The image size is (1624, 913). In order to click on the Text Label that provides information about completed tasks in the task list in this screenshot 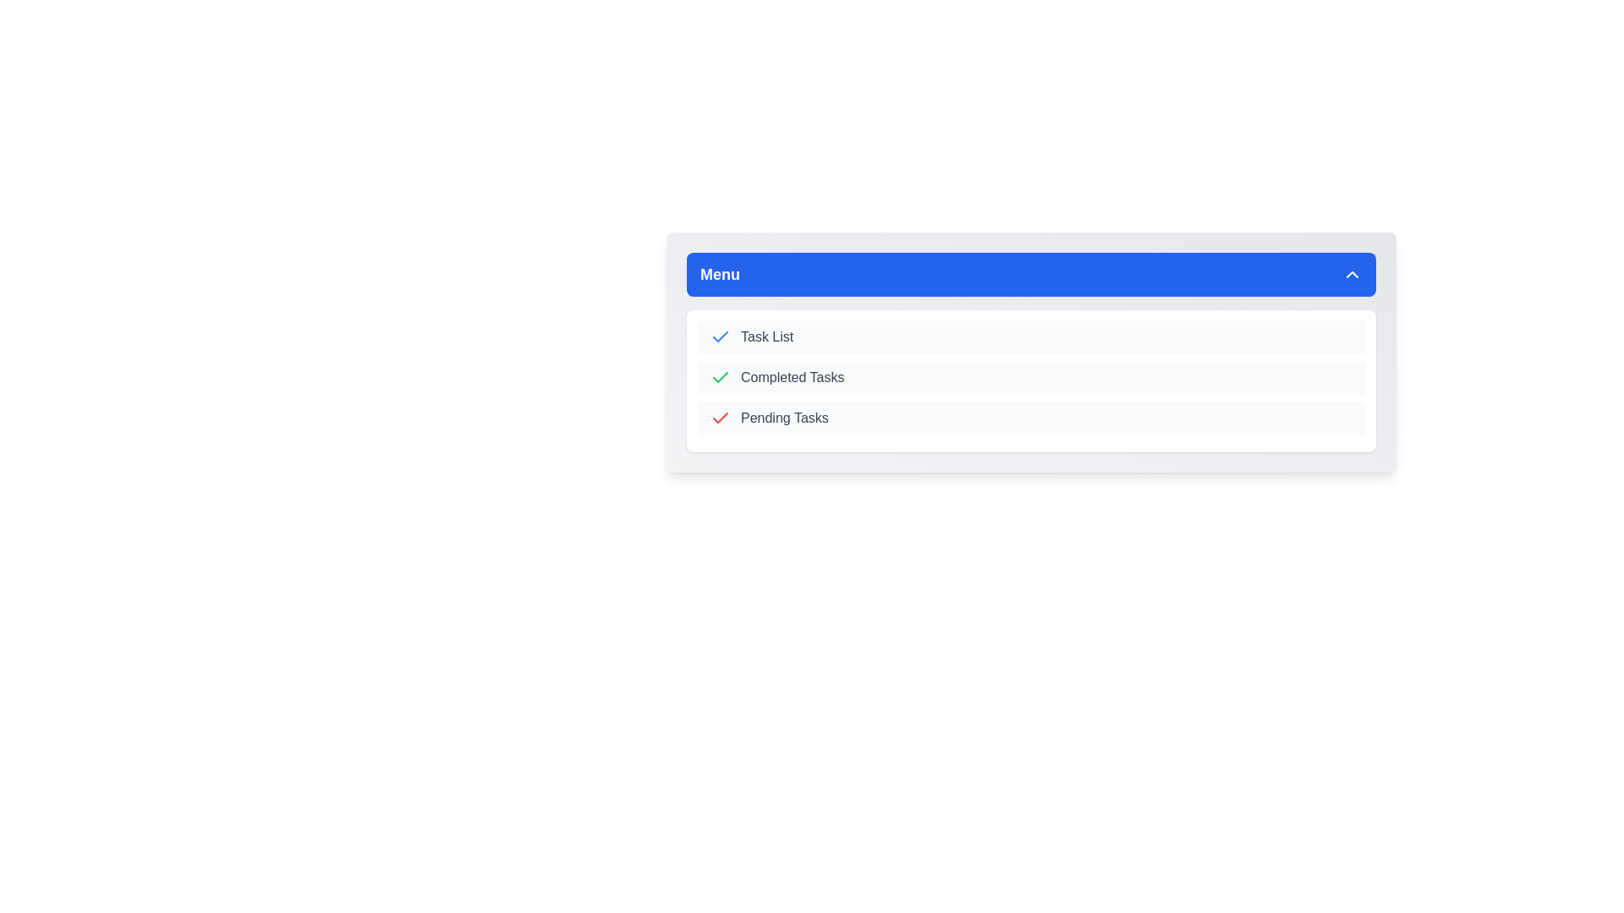, I will do `click(792, 377)`.